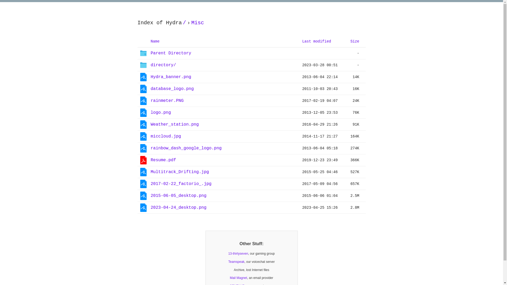  What do you see at coordinates (150, 124) in the screenshot?
I see `'Weather_station.png'` at bounding box center [150, 124].